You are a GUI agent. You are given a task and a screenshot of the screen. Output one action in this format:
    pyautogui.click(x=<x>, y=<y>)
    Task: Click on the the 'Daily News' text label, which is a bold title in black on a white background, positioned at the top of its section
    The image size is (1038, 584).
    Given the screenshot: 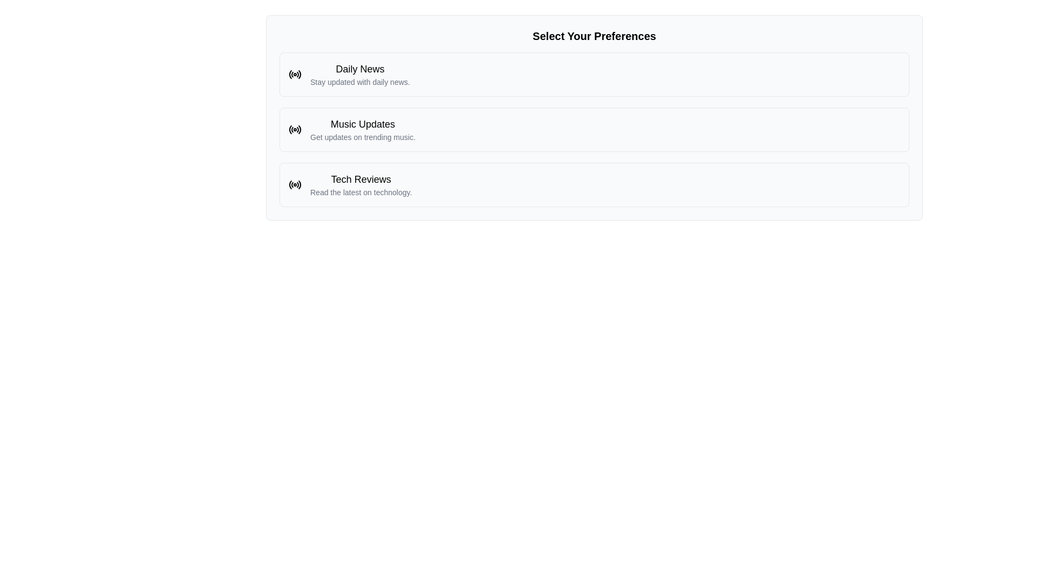 What is the action you would take?
    pyautogui.click(x=360, y=69)
    